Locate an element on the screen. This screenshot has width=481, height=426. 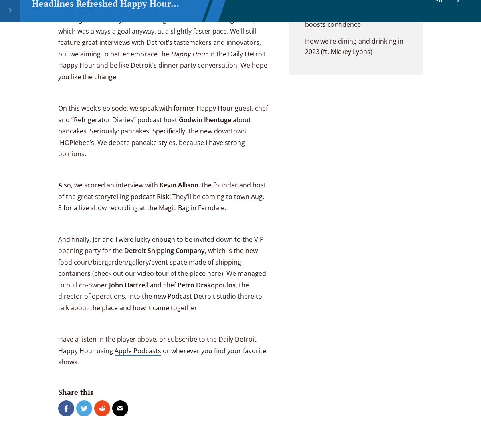
'and chef' is located at coordinates (163, 284).